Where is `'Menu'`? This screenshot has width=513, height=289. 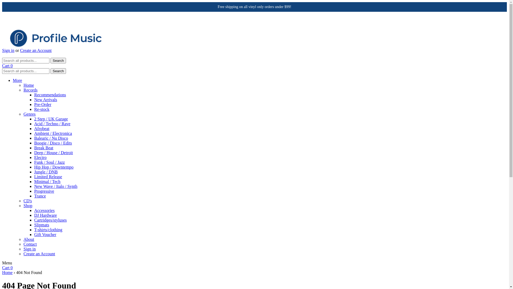 'Menu' is located at coordinates (7, 263).